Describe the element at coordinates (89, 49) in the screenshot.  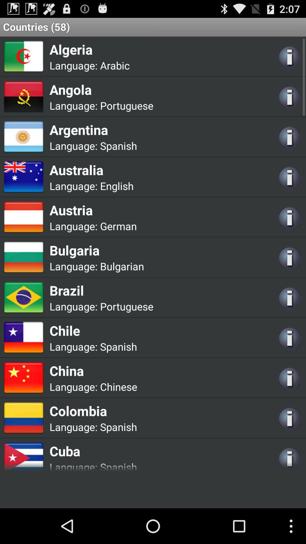
I see `the item above language:  item` at that location.